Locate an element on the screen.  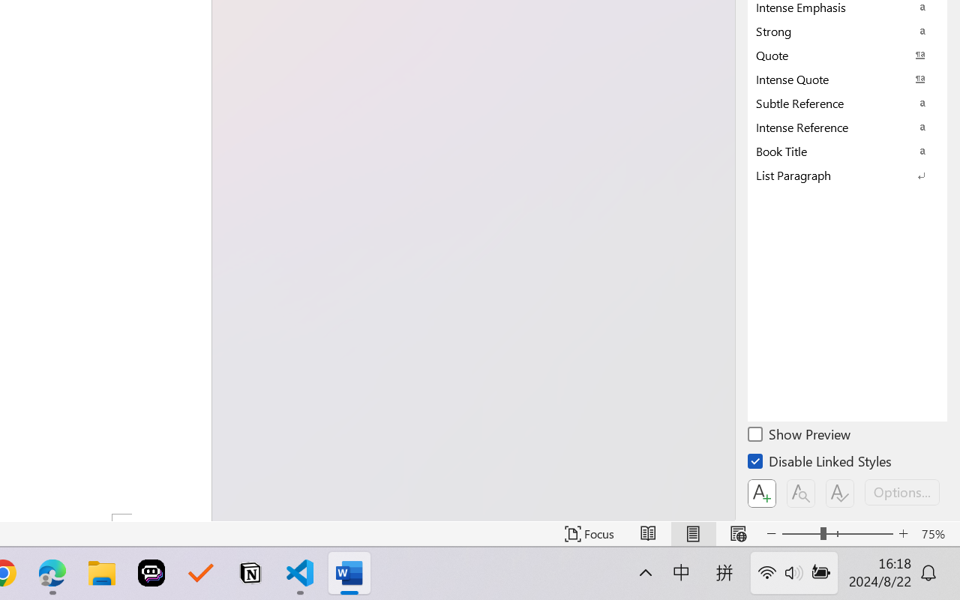
'Intense Quote' is located at coordinates (847, 78).